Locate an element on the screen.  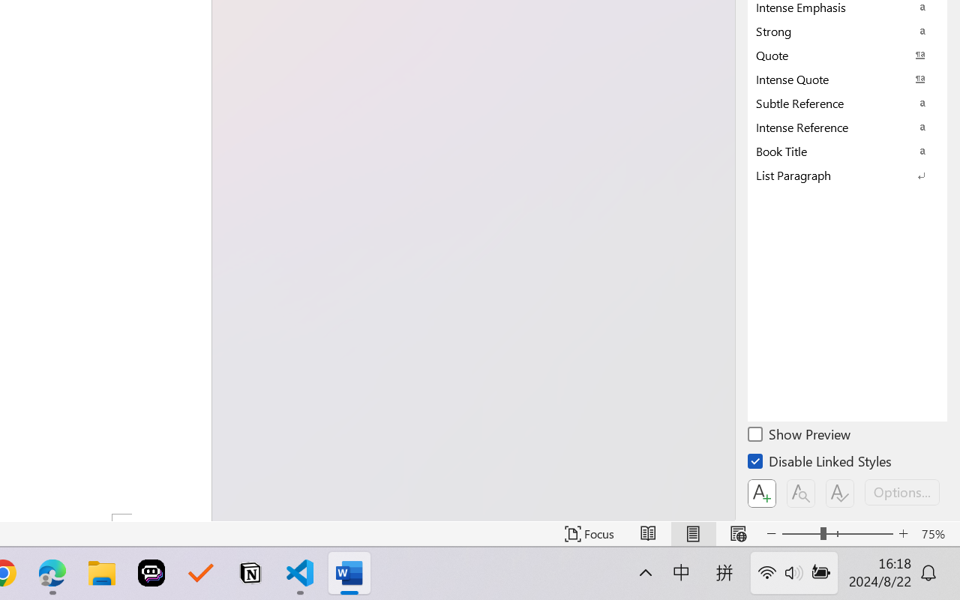
'Intense Quote' is located at coordinates (847, 78).